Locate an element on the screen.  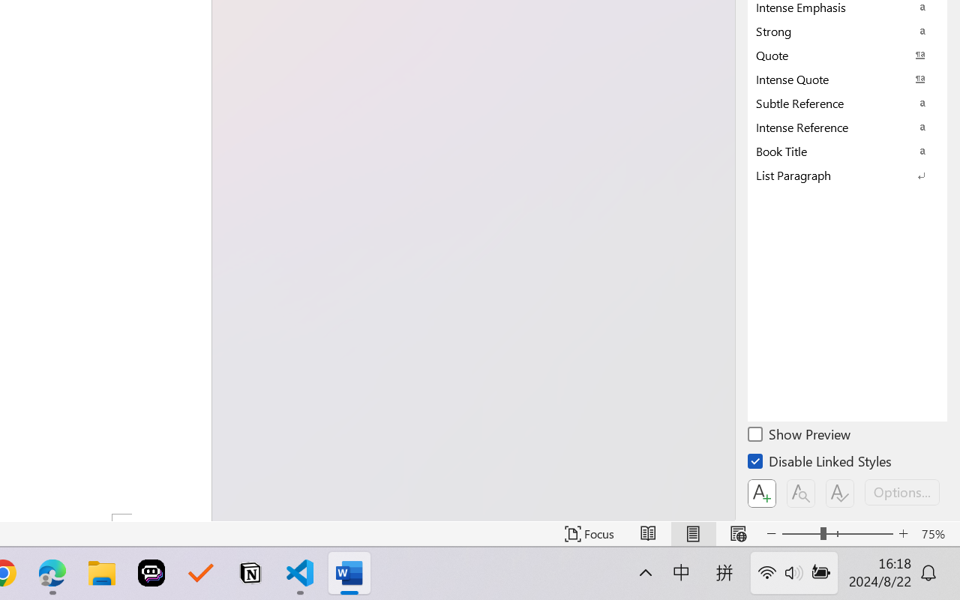
'Intense Quote' is located at coordinates (847, 78).